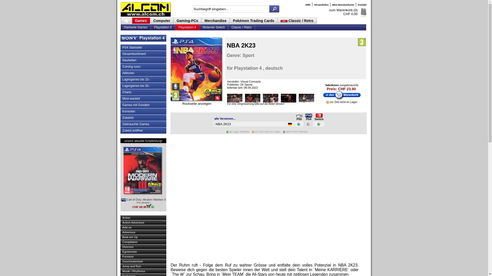  Describe the element at coordinates (343, 11) in the screenshot. I see `'zum Warenkorb (0)` at that location.